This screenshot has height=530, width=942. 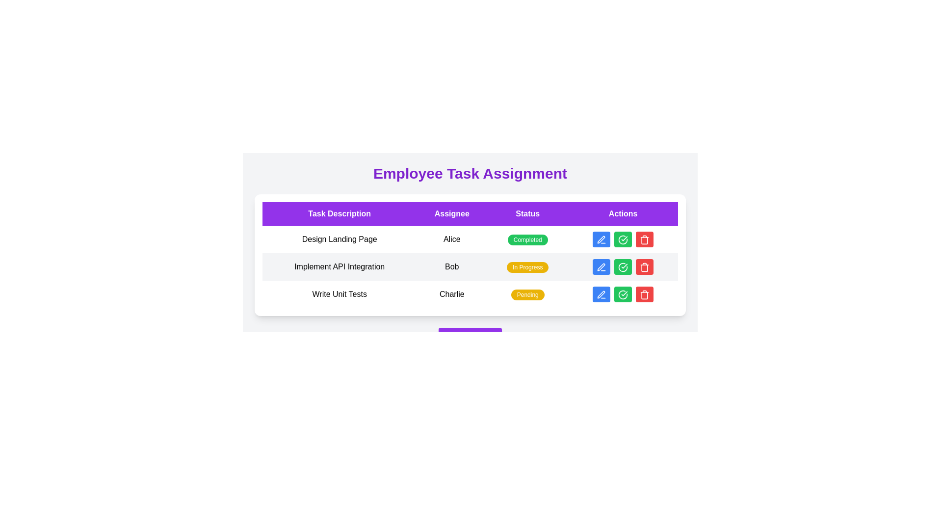 I want to click on the pen icon used for editing in the Actions column of the table for the 'Implement API Integration' task assigned to Bob, so click(x=601, y=267).